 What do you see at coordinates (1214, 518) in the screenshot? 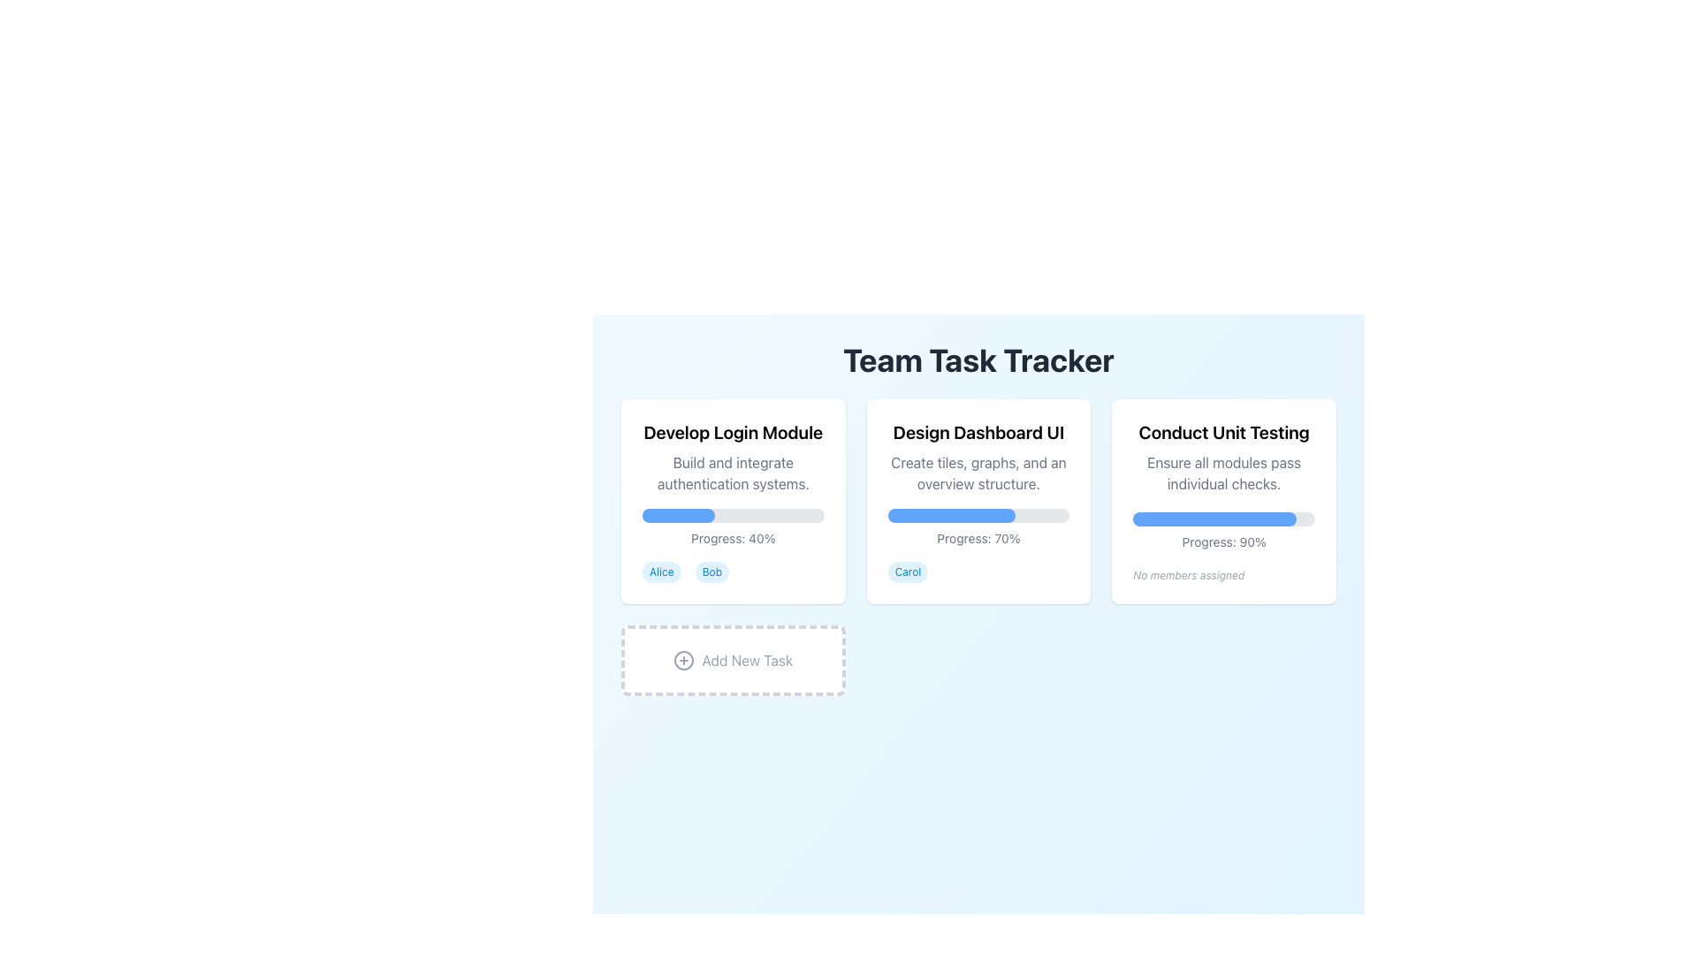
I see `the horizontal blue progress bar in the 'Conduct Unit Testing' task card, which is styled with rounded ends and gradient shading` at bounding box center [1214, 518].